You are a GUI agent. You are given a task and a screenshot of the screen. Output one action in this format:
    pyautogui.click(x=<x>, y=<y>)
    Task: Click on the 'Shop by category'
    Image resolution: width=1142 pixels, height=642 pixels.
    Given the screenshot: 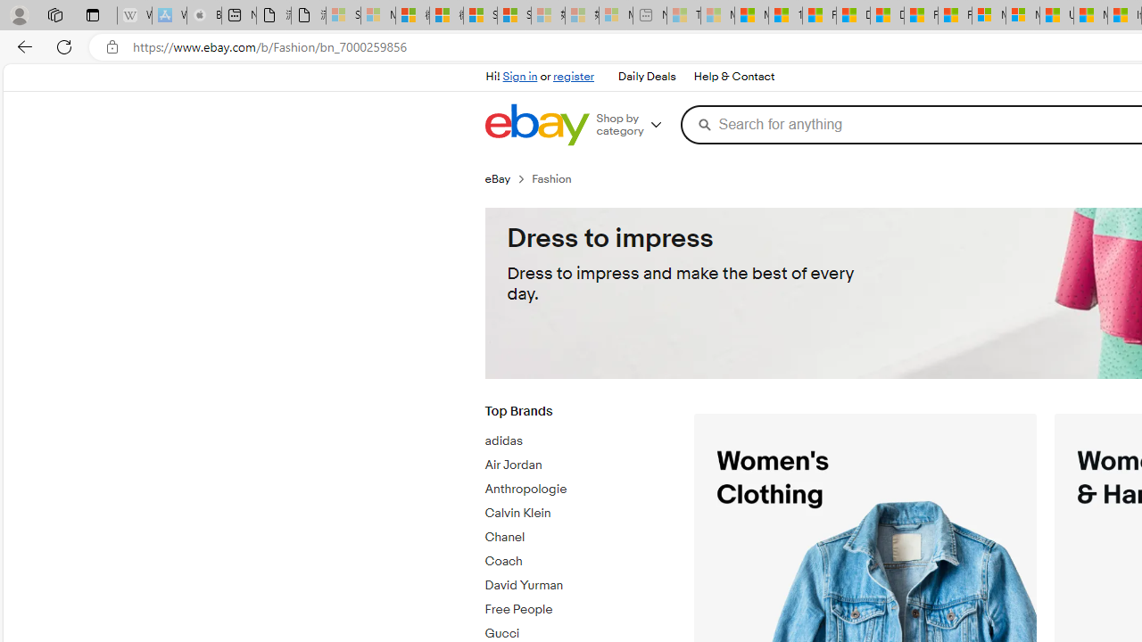 What is the action you would take?
    pyautogui.click(x=635, y=124)
    